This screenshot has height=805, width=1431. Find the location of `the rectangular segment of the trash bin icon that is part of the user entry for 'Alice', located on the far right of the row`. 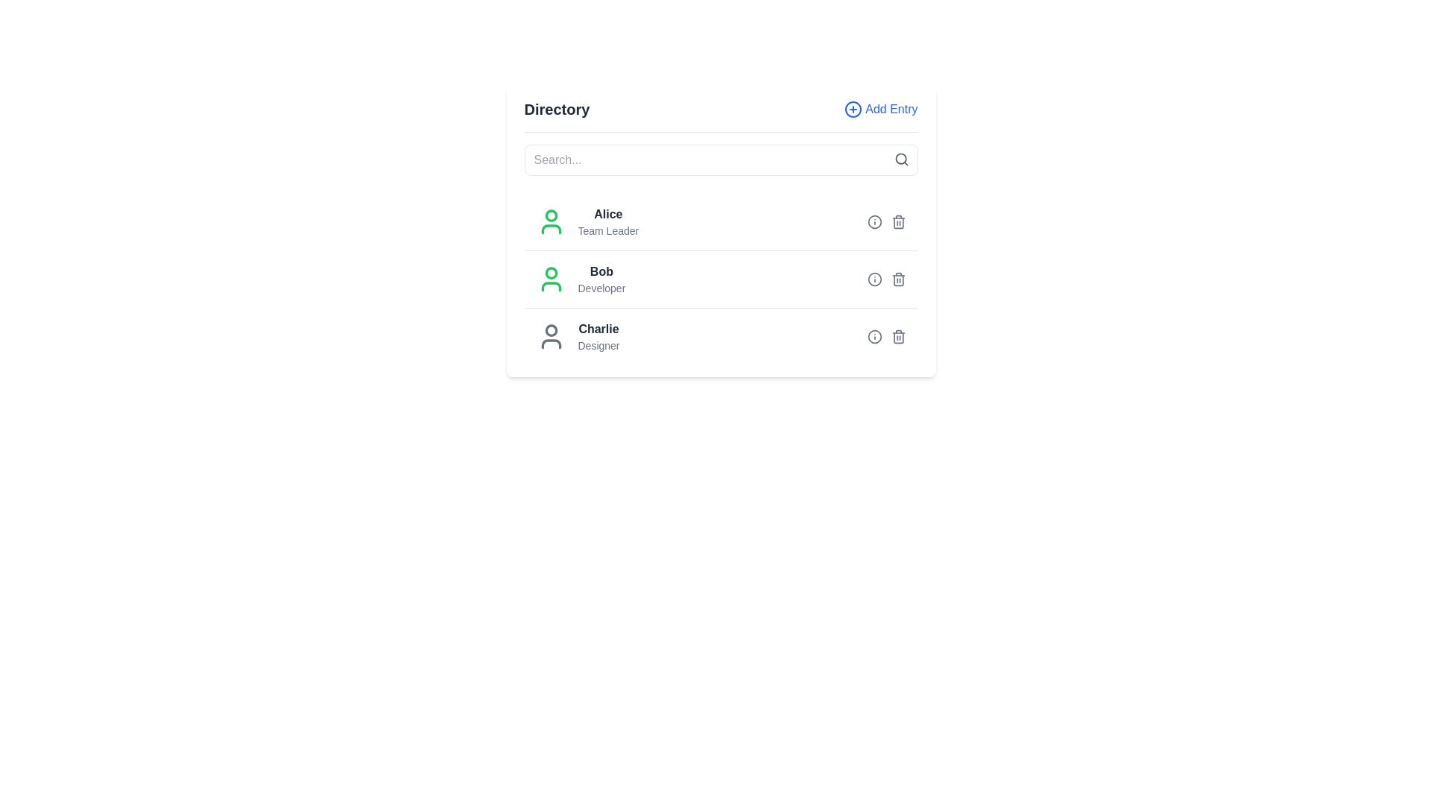

the rectangular segment of the trash bin icon that is part of the user entry for 'Alice', located on the far right of the row is located at coordinates (897, 223).